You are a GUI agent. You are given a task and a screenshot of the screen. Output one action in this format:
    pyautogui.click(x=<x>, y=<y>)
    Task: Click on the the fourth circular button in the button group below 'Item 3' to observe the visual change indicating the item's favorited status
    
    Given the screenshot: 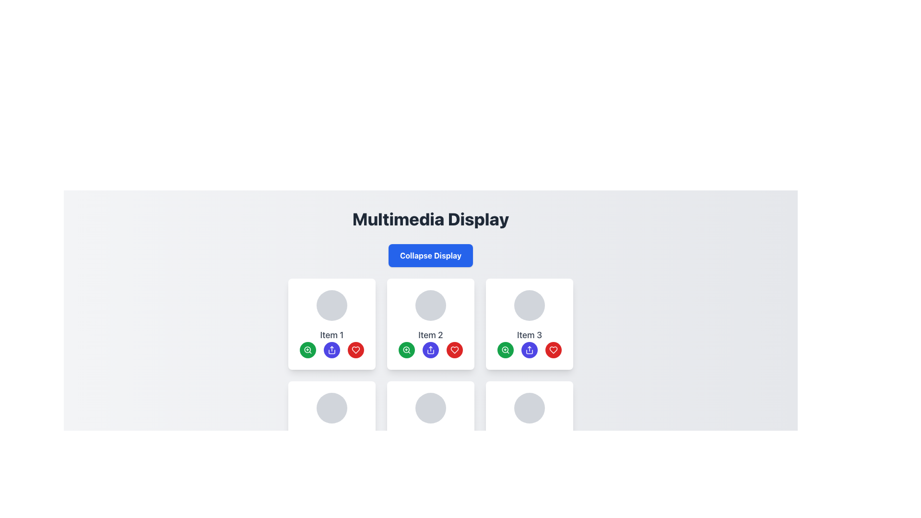 What is the action you would take?
    pyautogui.click(x=553, y=350)
    